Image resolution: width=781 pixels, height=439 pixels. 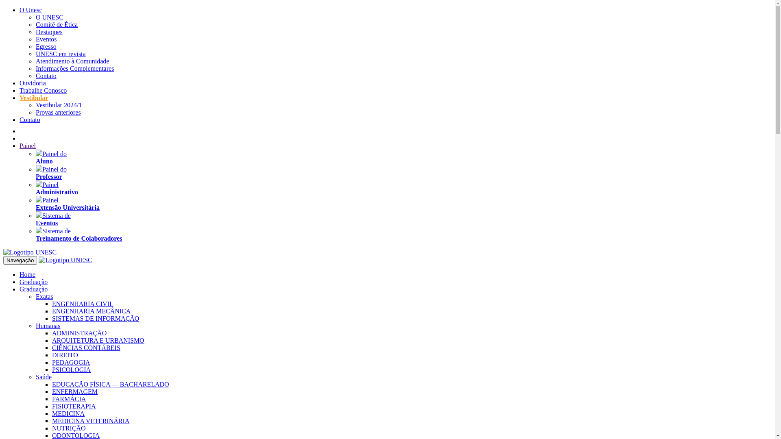 I want to click on 'O Unesc', so click(x=31, y=10).